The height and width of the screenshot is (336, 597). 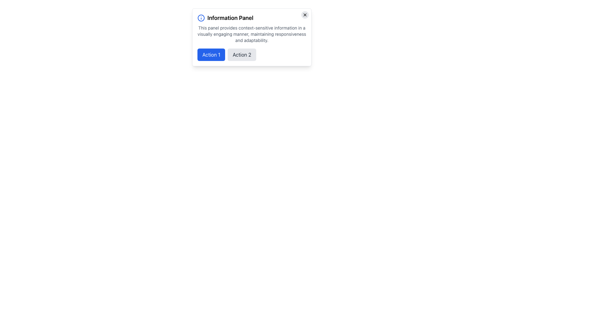 I want to click on the close button located in the upper-right portion of the 'Information Panel' to receive potential UI feedback, so click(x=305, y=14).